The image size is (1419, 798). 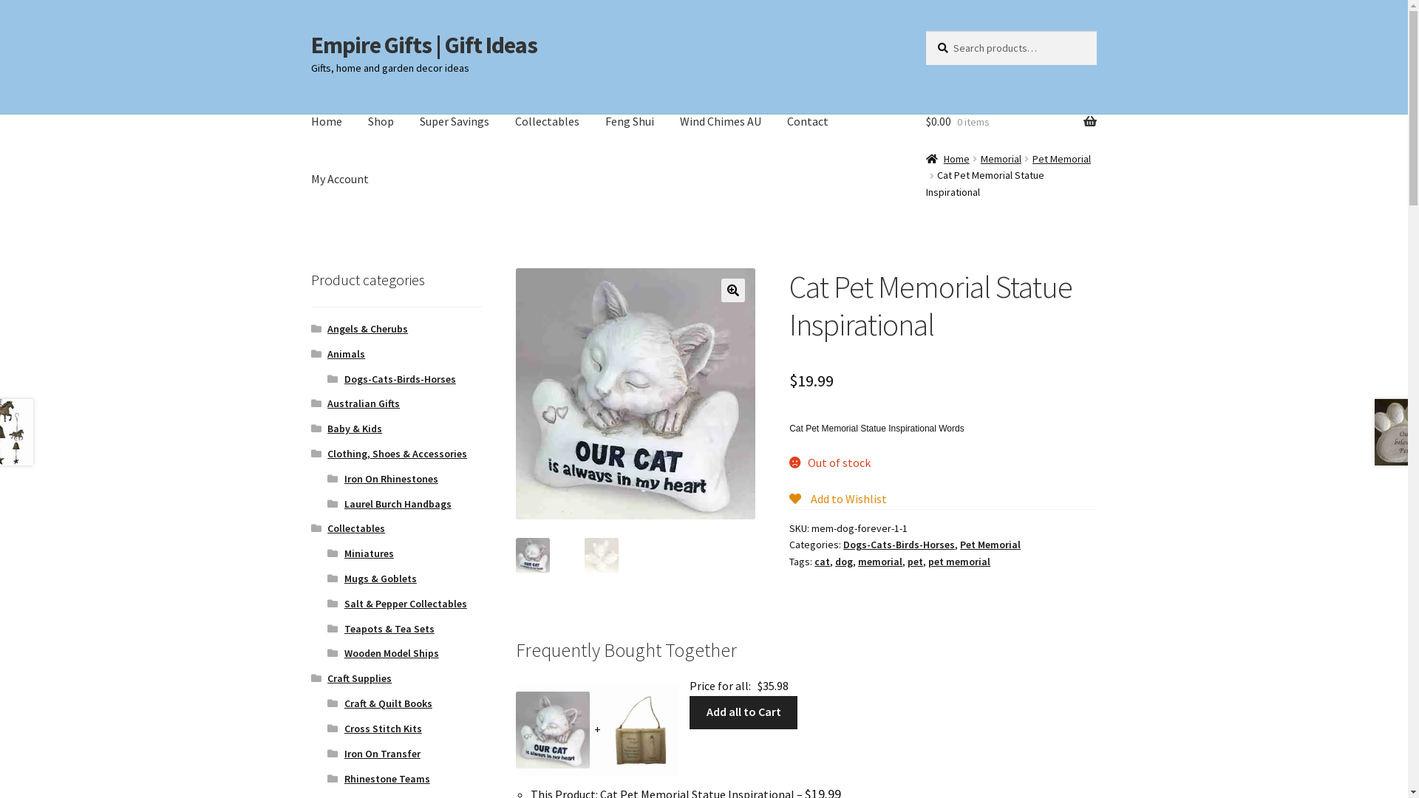 I want to click on 'dog', so click(x=834, y=561).